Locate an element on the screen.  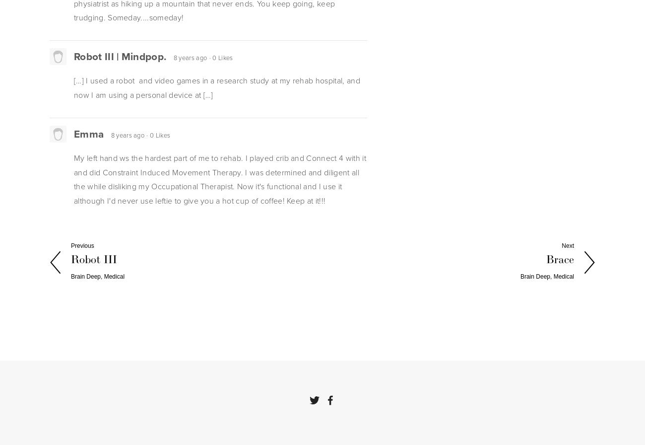
'My left hand ws the hardest part of me to rehab. I played crib and Connect 4 with it and did Constraint Induced Movement Therapy. I was determined and diligent all the while disliking my Occupational Therapist. Now it's functional and I use it although I'd never use leftie to give you a hot cup of coffee! Keep at it!!!' is located at coordinates (219, 179).